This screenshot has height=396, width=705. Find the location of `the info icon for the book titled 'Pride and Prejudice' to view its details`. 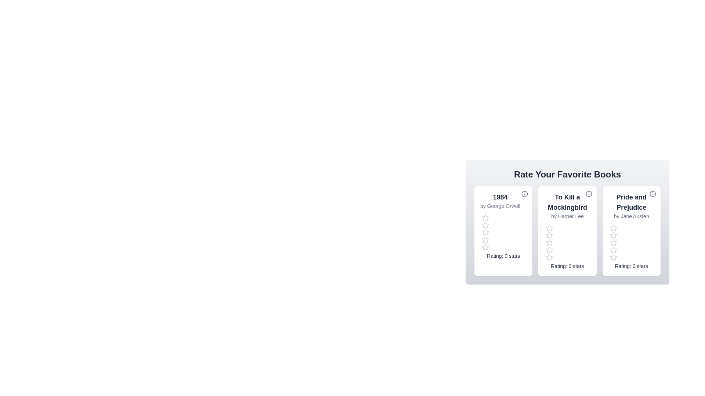

the info icon for the book titled 'Pride and Prejudice' to view its details is located at coordinates (652, 193).